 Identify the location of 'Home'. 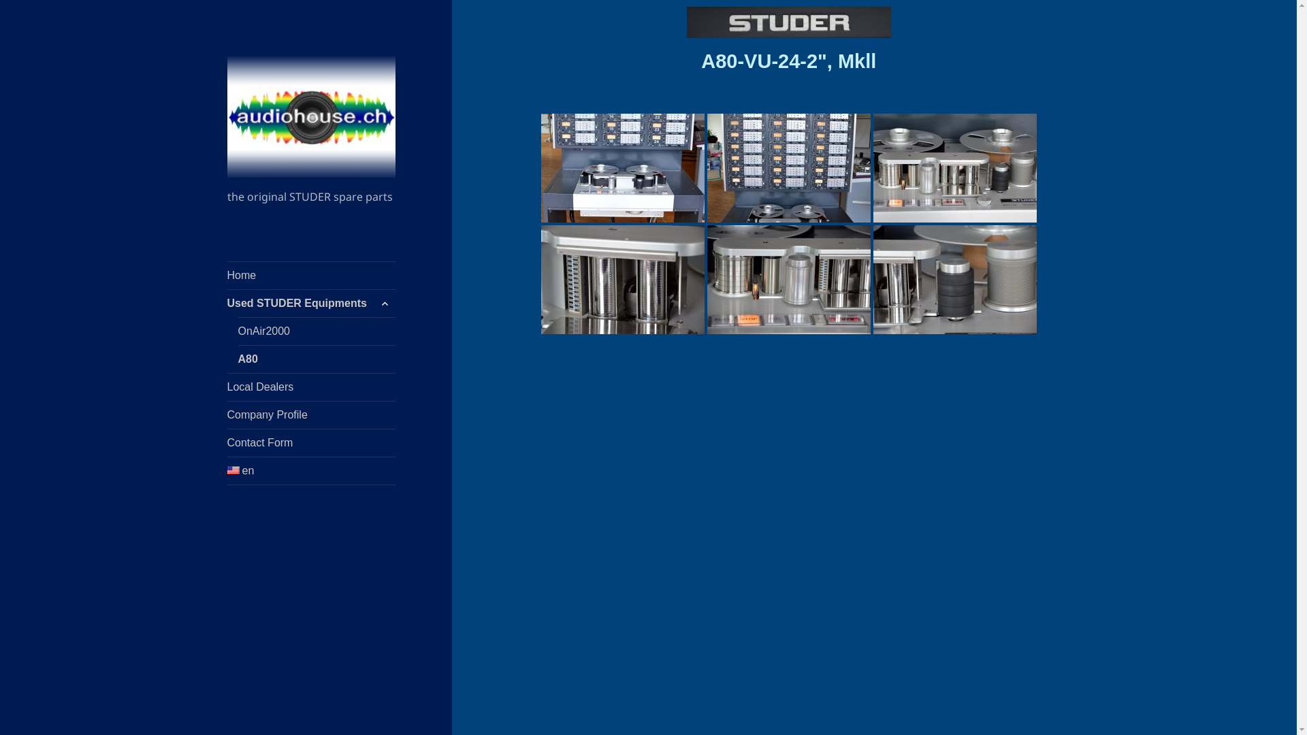
(310, 276).